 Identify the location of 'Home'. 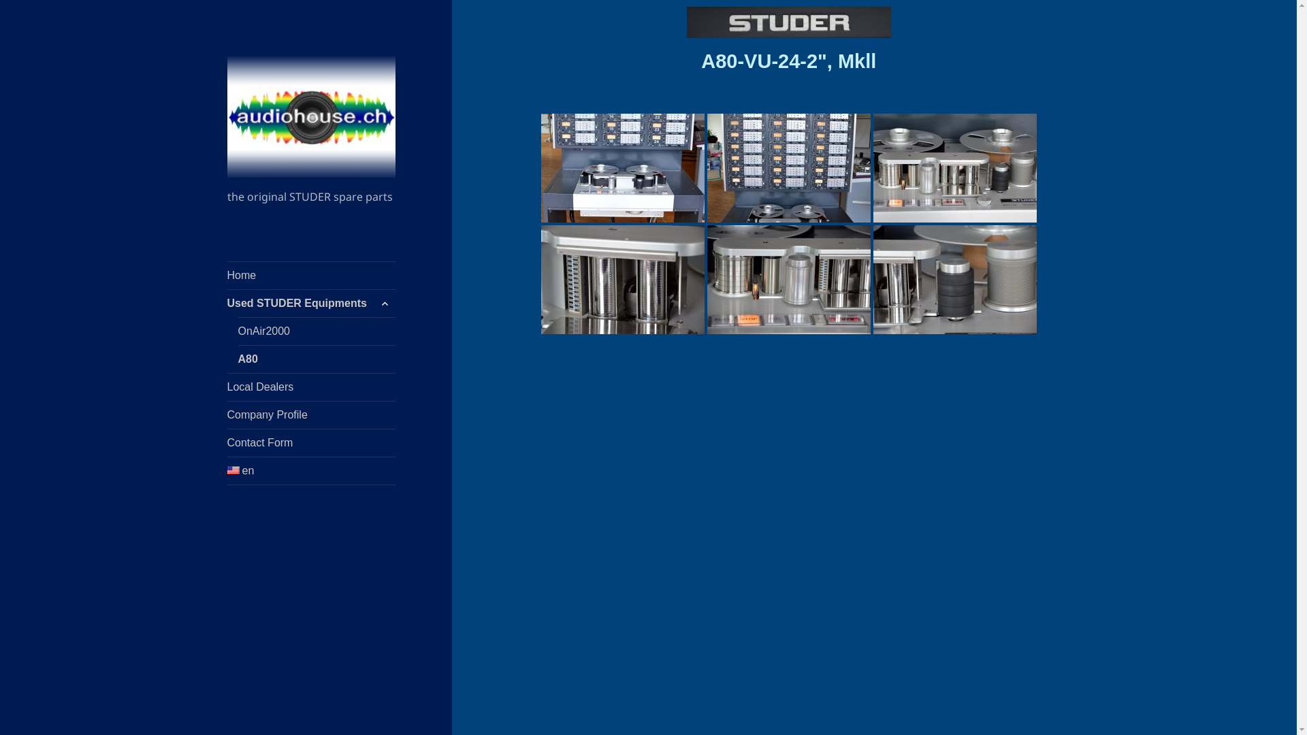
(310, 276).